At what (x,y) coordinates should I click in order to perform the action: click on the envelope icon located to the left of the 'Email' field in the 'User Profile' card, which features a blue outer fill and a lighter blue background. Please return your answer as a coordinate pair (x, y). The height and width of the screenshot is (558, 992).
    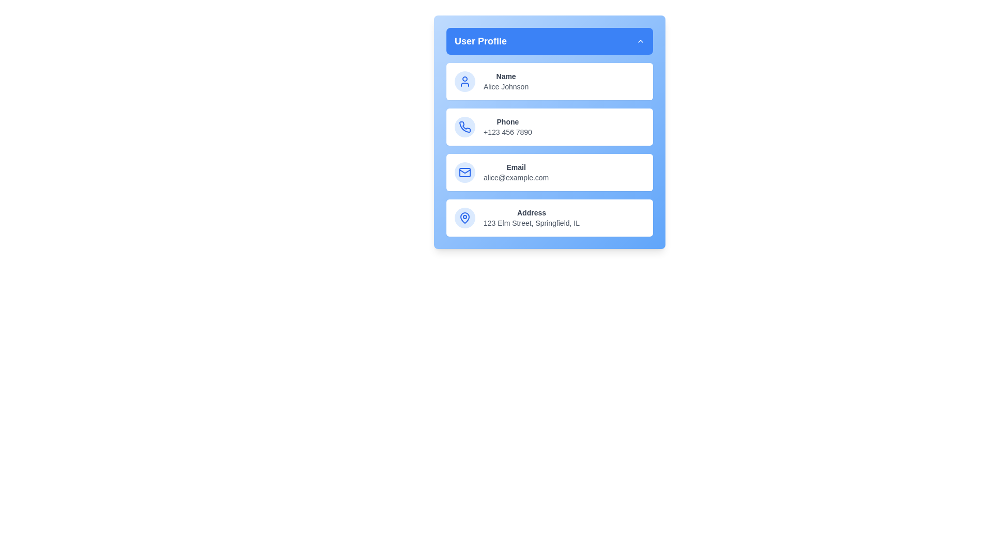
    Looking at the image, I should click on (464, 172).